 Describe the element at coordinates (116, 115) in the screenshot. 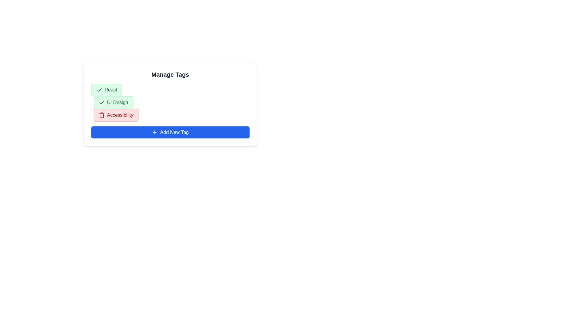

I see `the 'Accessibility' button, which features red text and a trash can icon, for more options` at that location.